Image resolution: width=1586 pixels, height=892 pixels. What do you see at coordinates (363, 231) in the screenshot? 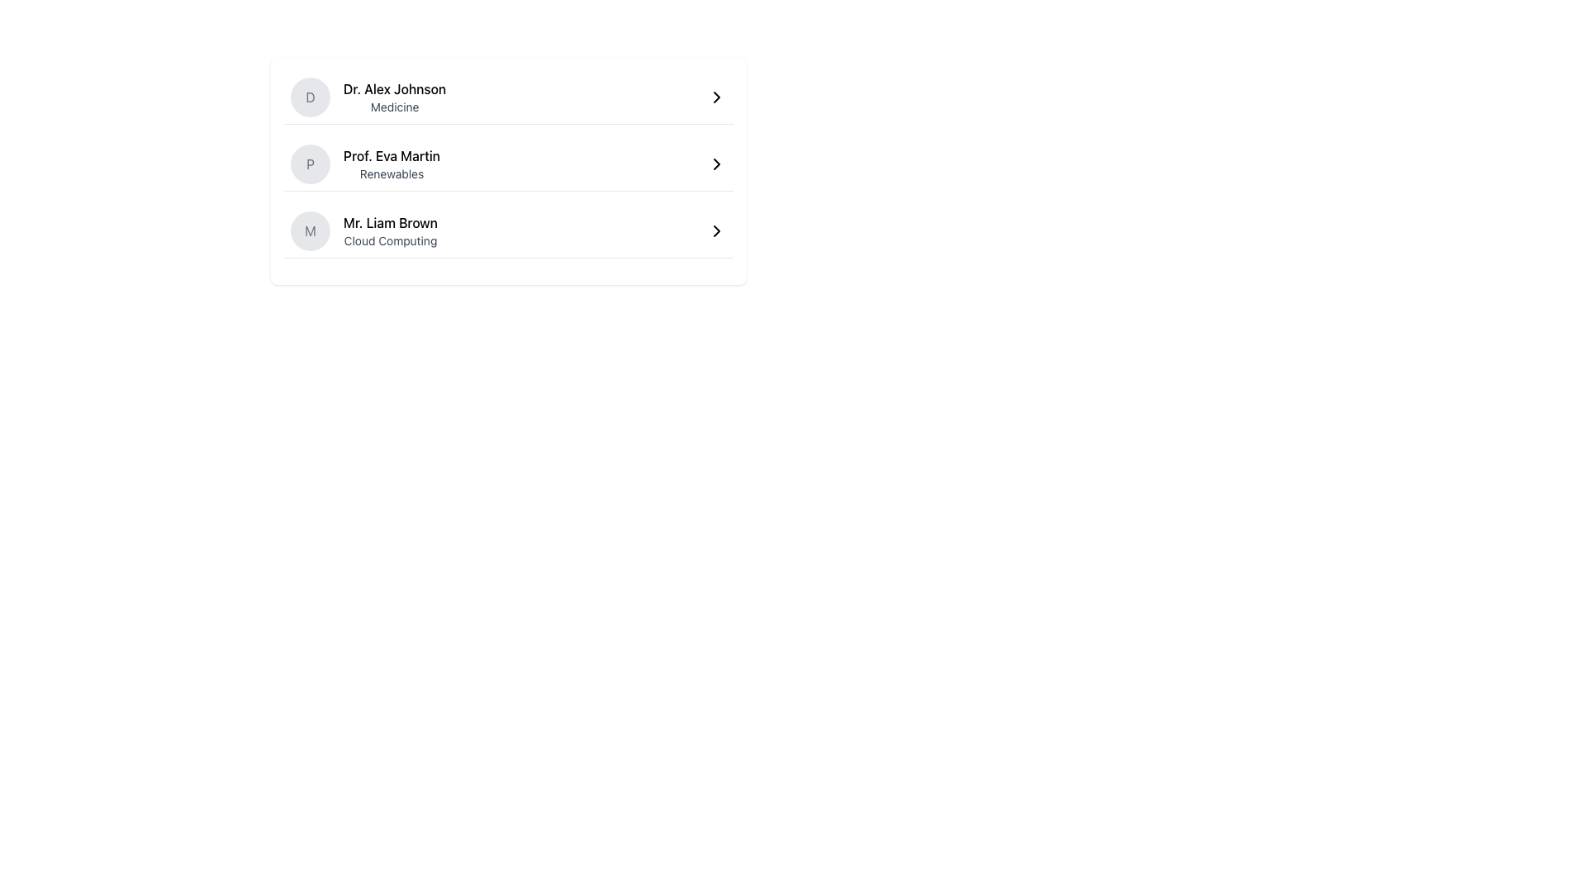
I see `the text display with an avatar that provides identification information about an individual, specifically the third item from the top in a horizontally centered list` at bounding box center [363, 231].